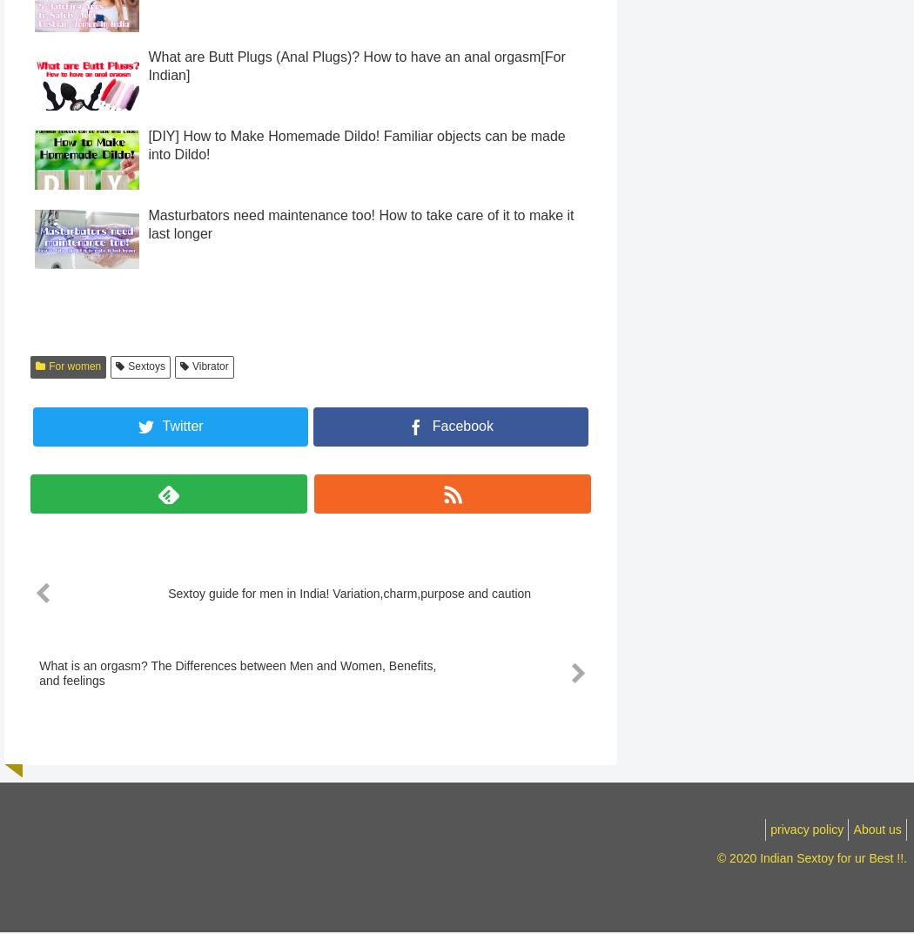 This screenshot has width=914, height=934. I want to click on '© 2020 Indian Sextoy for ur Best !!.', so click(811, 890).